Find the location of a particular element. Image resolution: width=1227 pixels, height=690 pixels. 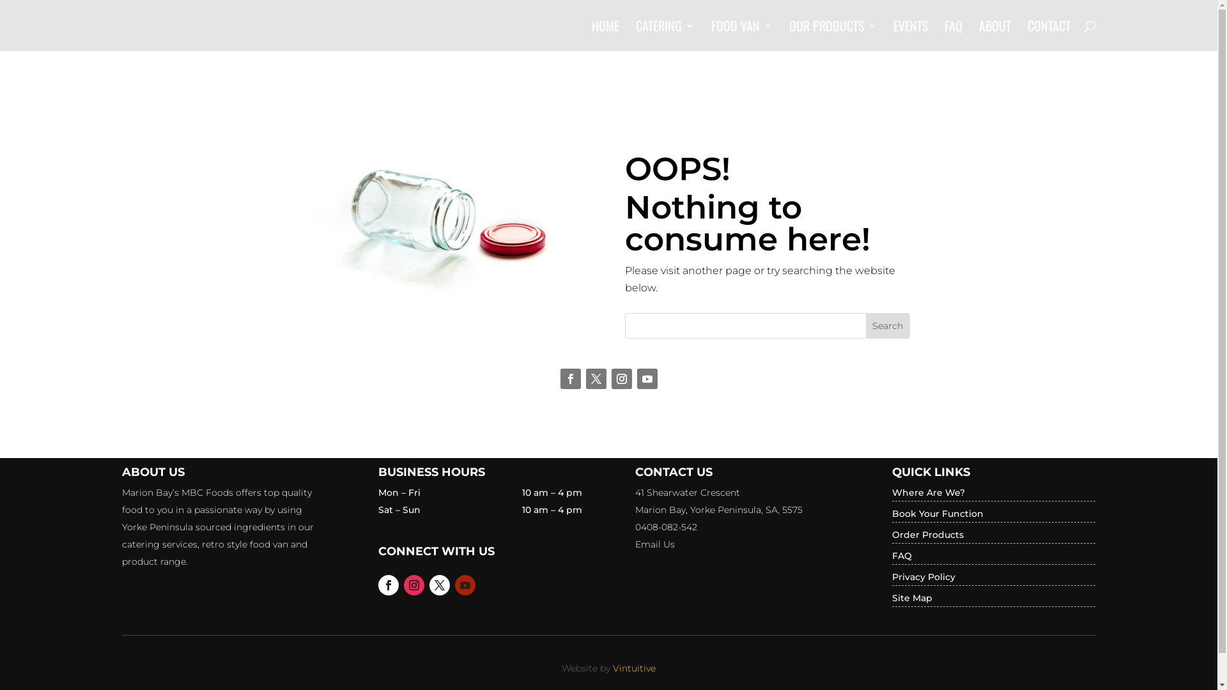

'CATERING' is located at coordinates (665, 35).